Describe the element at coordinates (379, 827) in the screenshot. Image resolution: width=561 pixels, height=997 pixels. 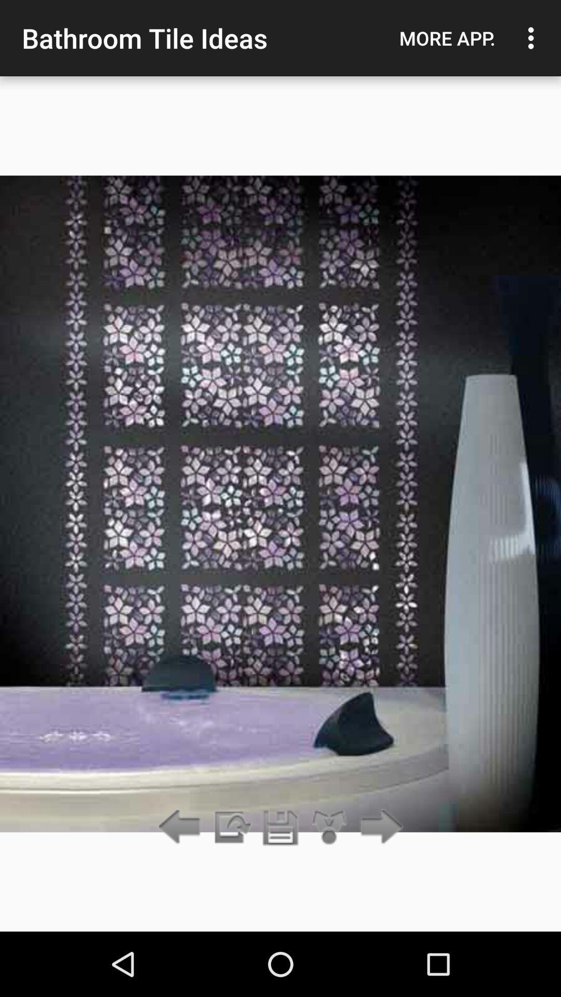
I see `icon at the bottom right corner` at that location.